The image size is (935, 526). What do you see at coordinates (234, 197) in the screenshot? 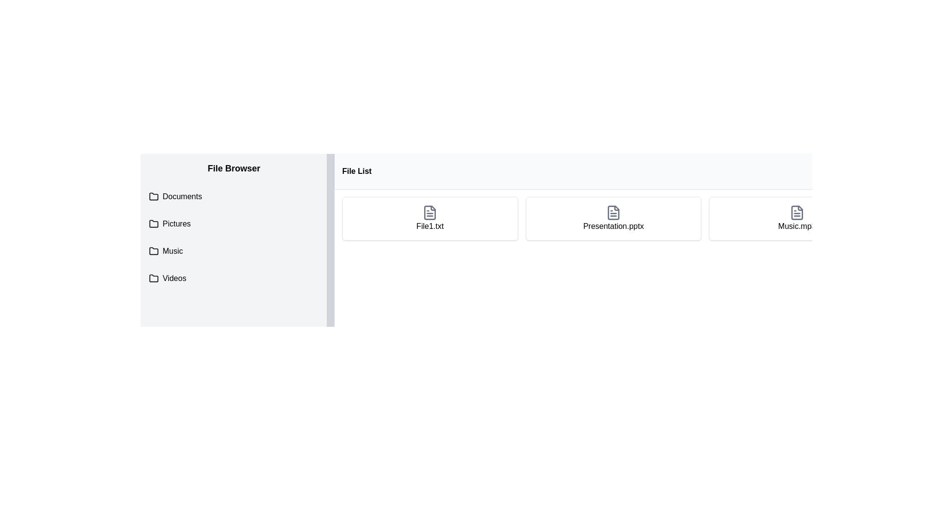
I see `the 'Documents' list item in the navigation menu` at bounding box center [234, 197].